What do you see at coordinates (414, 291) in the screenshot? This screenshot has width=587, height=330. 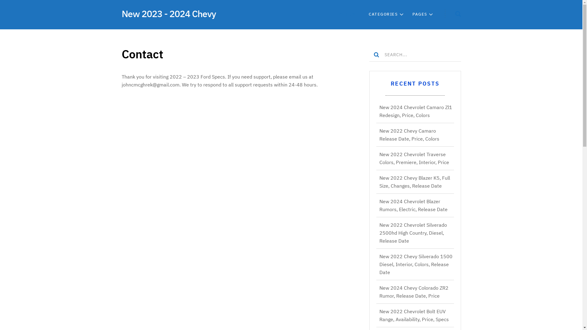 I see `'New 2024 Chevy Colorado ZR2 Rumor, Release Date, Price'` at bounding box center [414, 291].